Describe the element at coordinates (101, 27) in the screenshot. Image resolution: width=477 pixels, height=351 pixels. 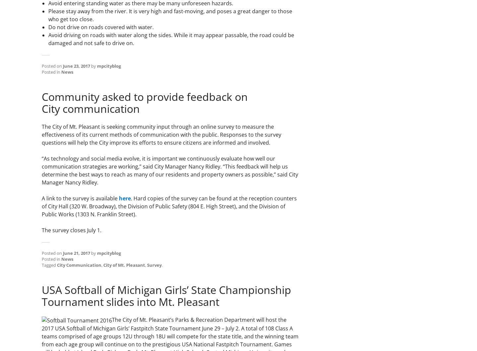
I see `'Do not drive on roads covered with water.'` at that location.